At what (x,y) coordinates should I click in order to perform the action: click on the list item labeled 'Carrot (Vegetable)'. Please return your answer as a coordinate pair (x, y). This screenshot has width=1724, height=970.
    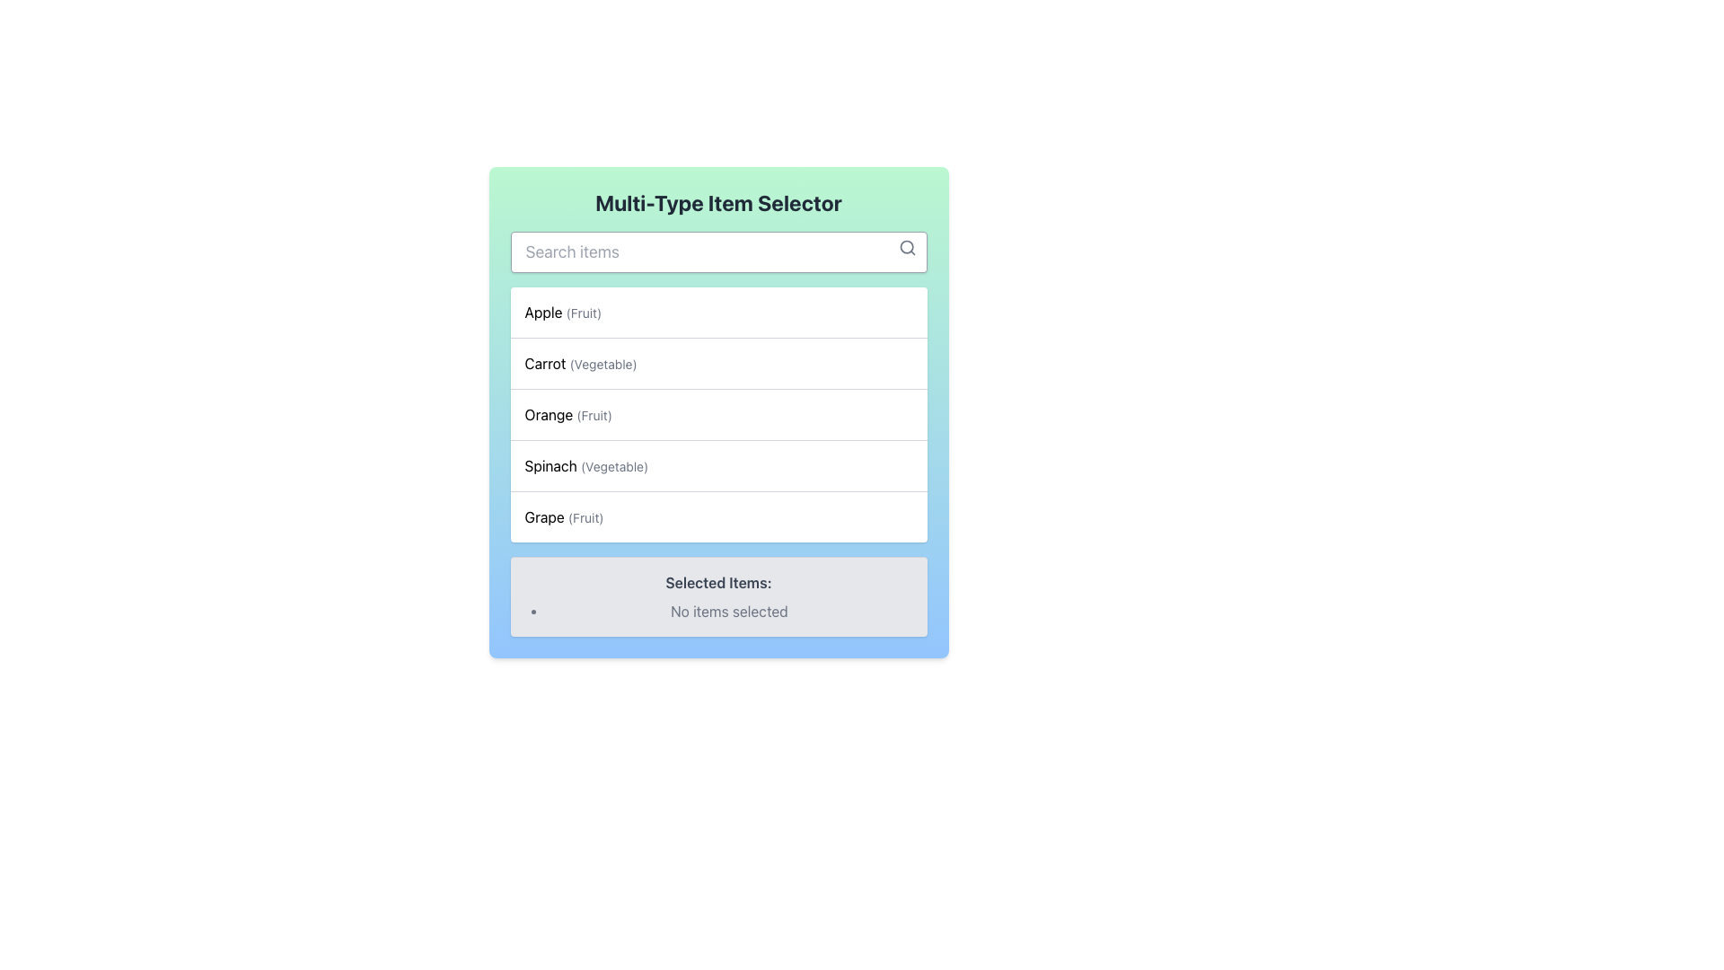
    Looking at the image, I should click on (718, 363).